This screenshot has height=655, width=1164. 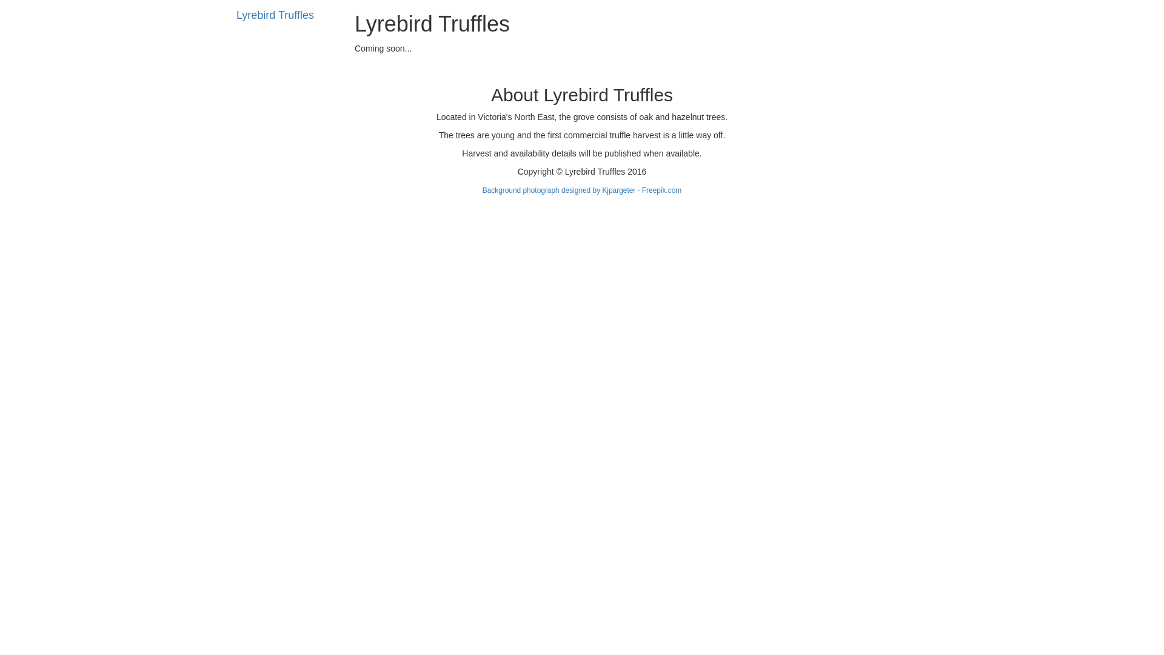 What do you see at coordinates (582, 190) in the screenshot?
I see `'Background photograph designed by Kjpargeter - Freepik.com'` at bounding box center [582, 190].